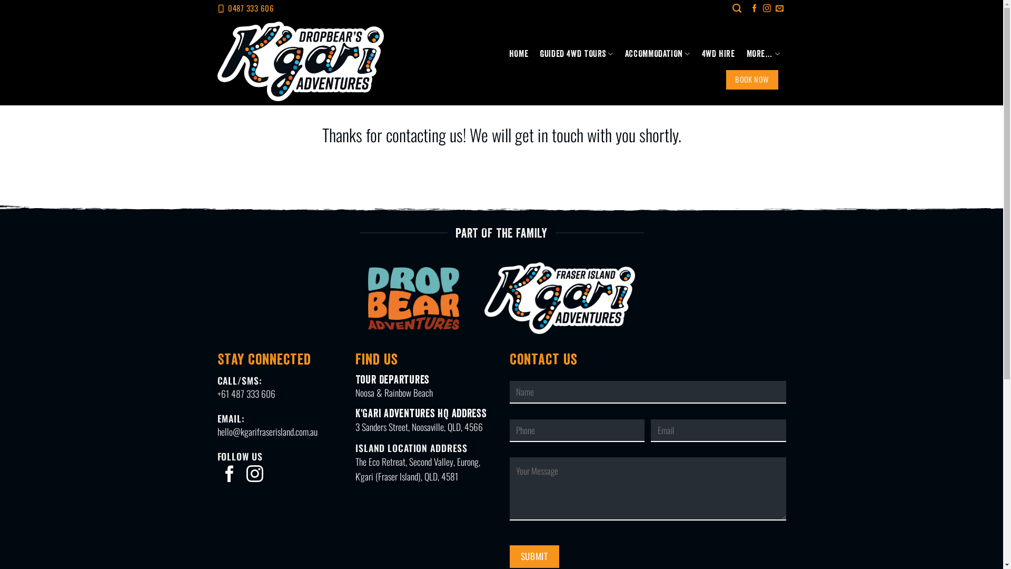 This screenshot has width=1011, height=569. Describe the element at coordinates (754, 8) in the screenshot. I see `'Follow on Facebook'` at that location.